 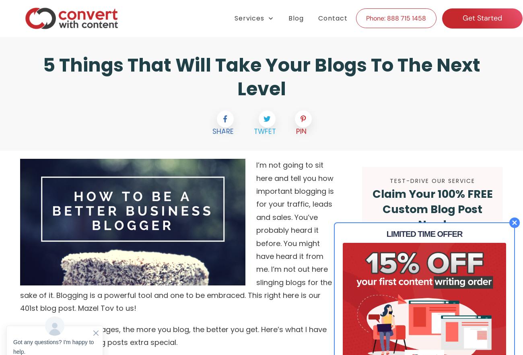 I want to click on 'Blog', so click(x=288, y=17).